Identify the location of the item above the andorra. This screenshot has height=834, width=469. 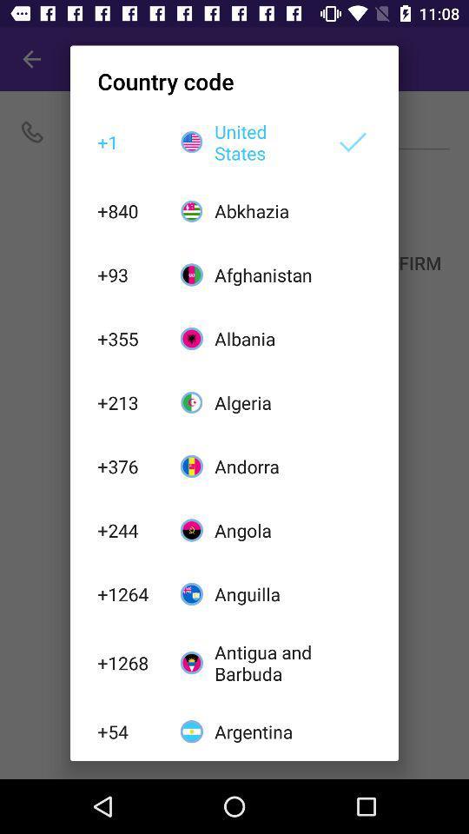
(265, 402).